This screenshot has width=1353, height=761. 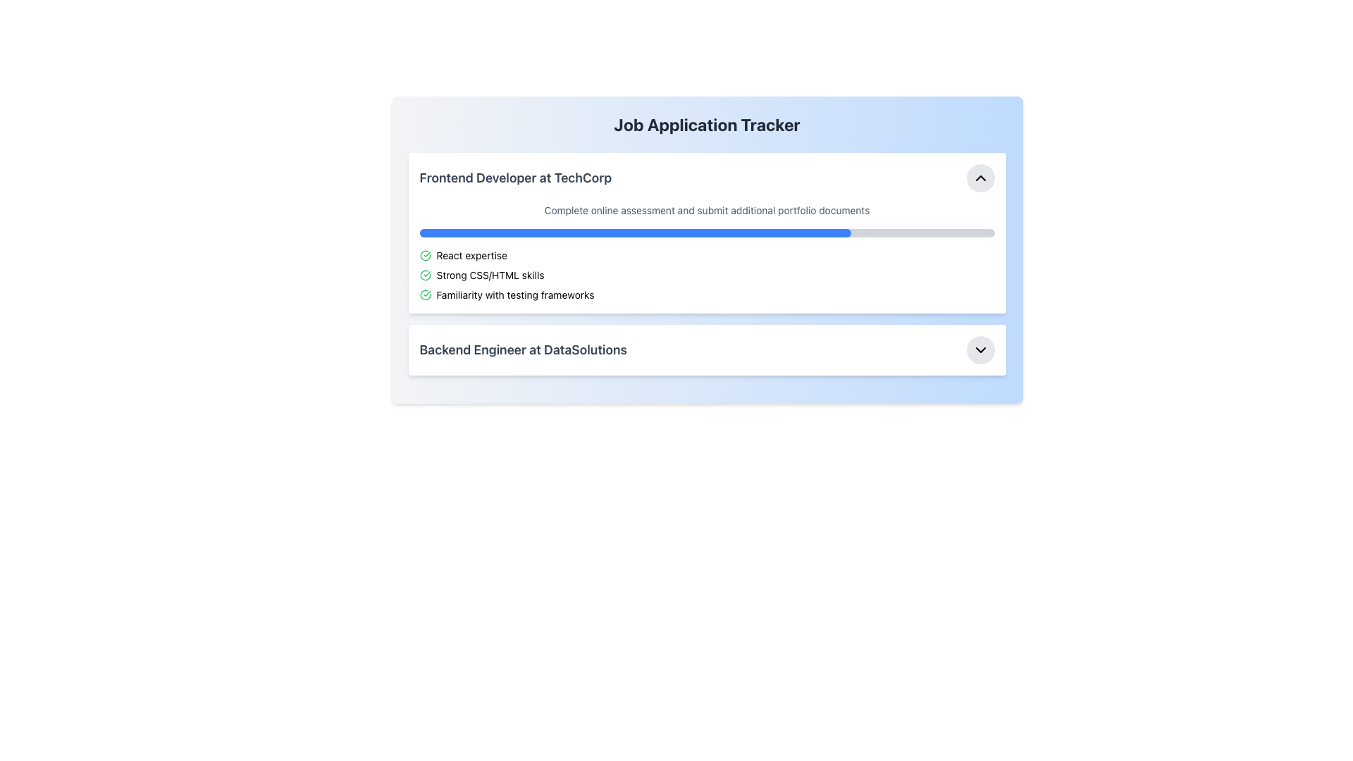 I want to click on the list item indicating 'Strong CSS/HTML skills' within the 'Frontend Developer at TechCorp' section, so click(x=707, y=275).